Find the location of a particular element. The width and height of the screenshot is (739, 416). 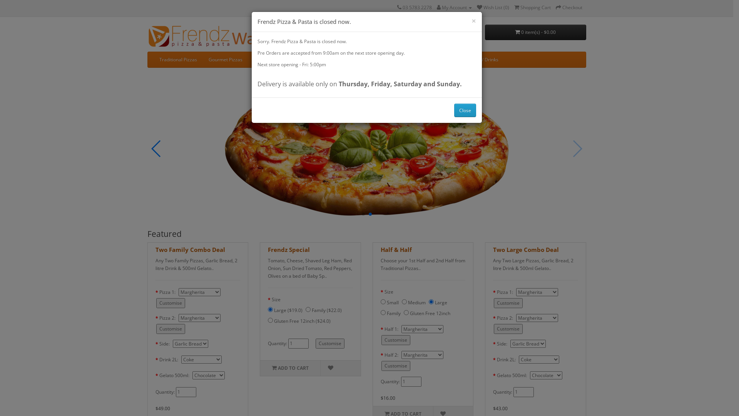

'Pizza Lovers' is located at coordinates (267, 59).